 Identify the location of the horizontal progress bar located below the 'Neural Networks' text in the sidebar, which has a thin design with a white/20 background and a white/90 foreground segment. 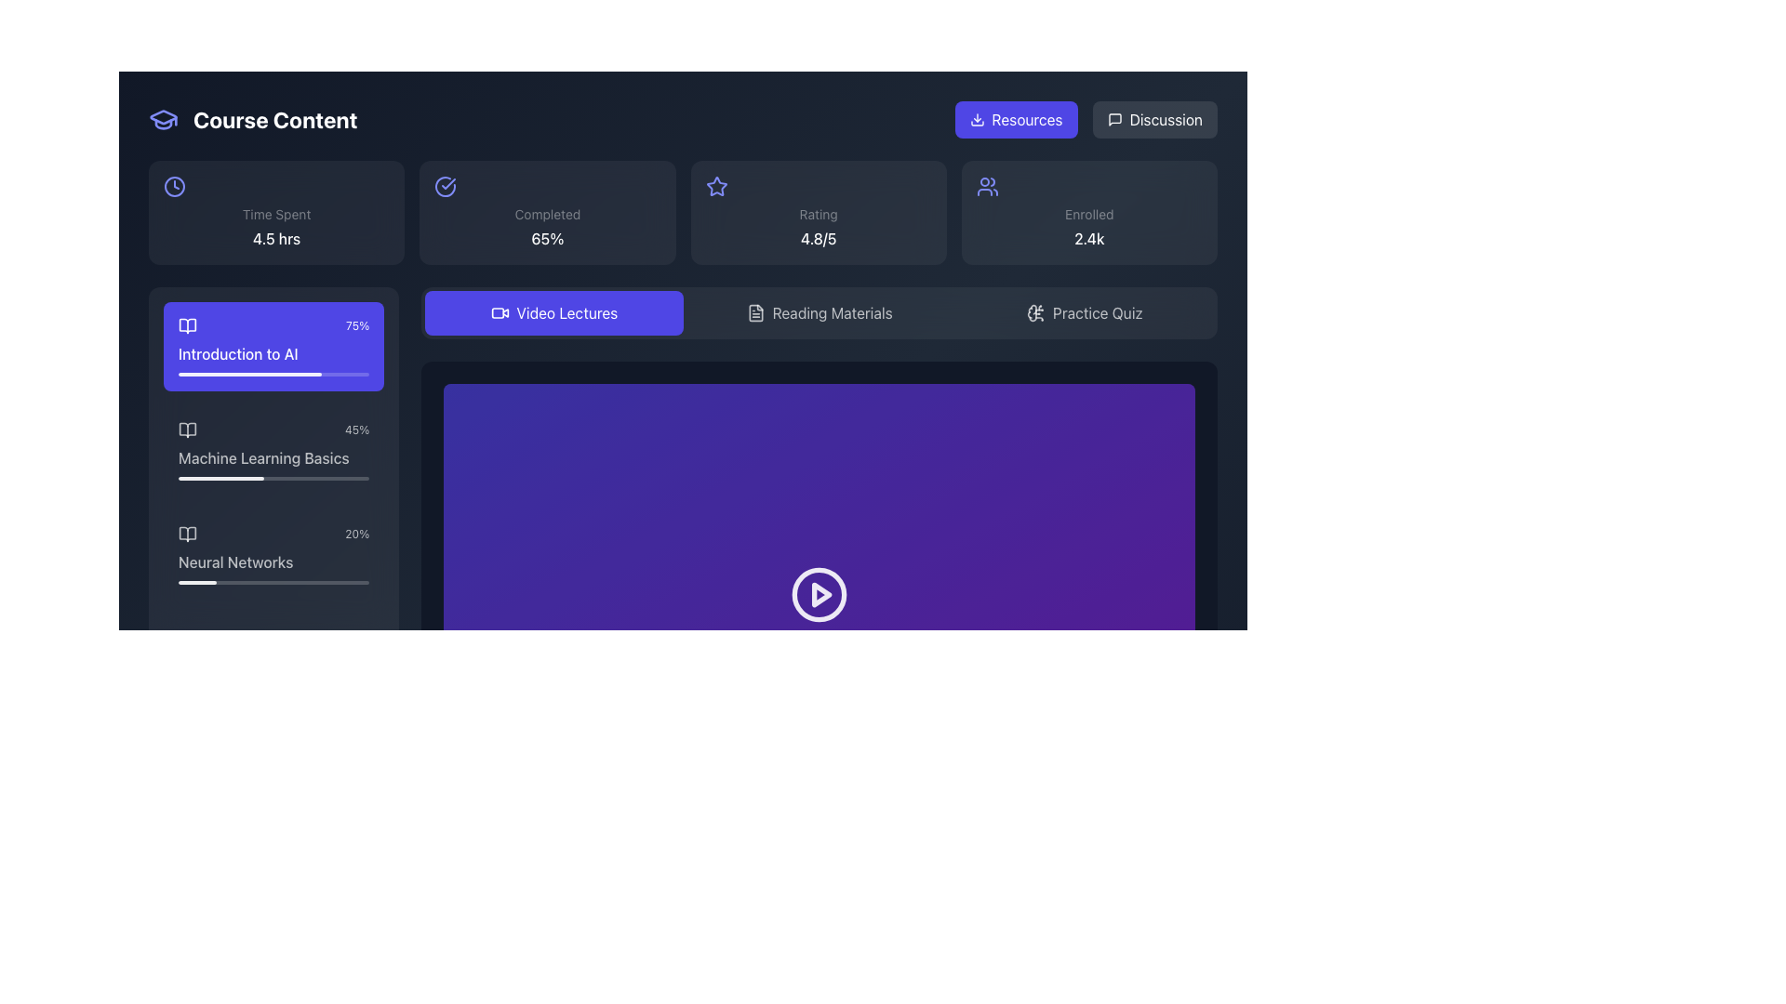
(273, 582).